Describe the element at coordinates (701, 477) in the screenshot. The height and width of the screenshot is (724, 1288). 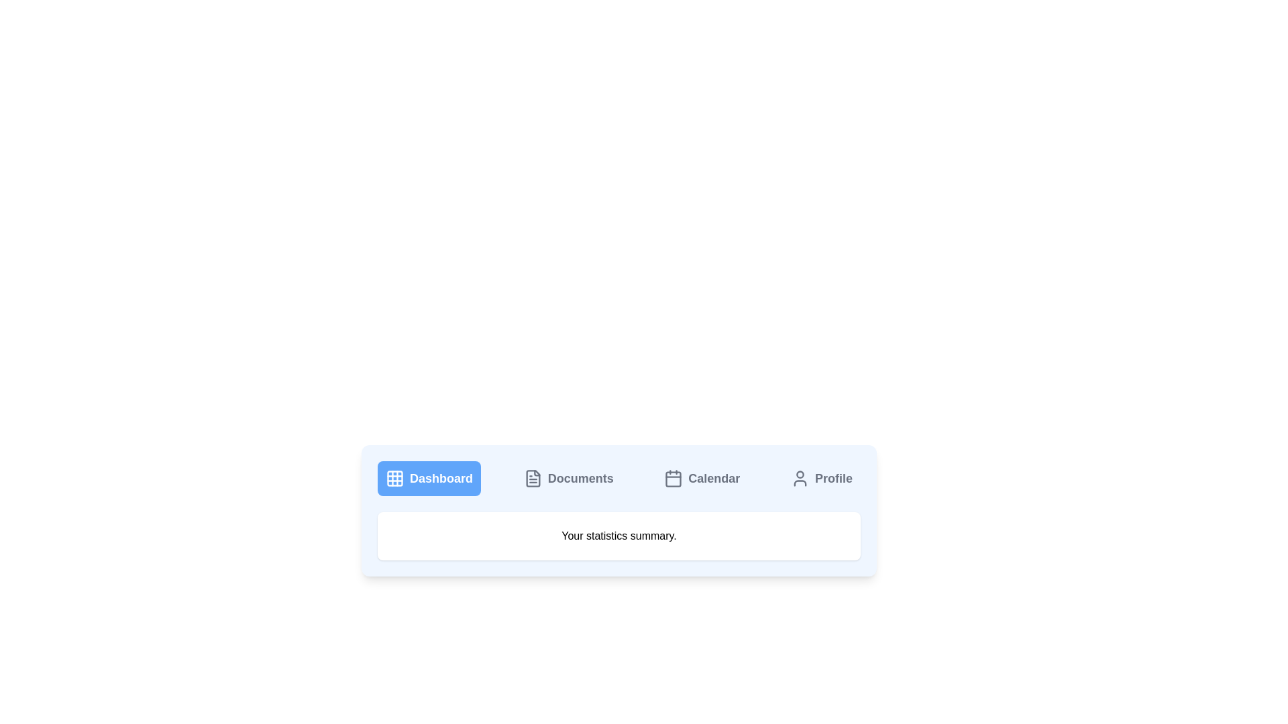
I see `the 'Calendar' button located in the horizontal navigation toolbar` at that location.